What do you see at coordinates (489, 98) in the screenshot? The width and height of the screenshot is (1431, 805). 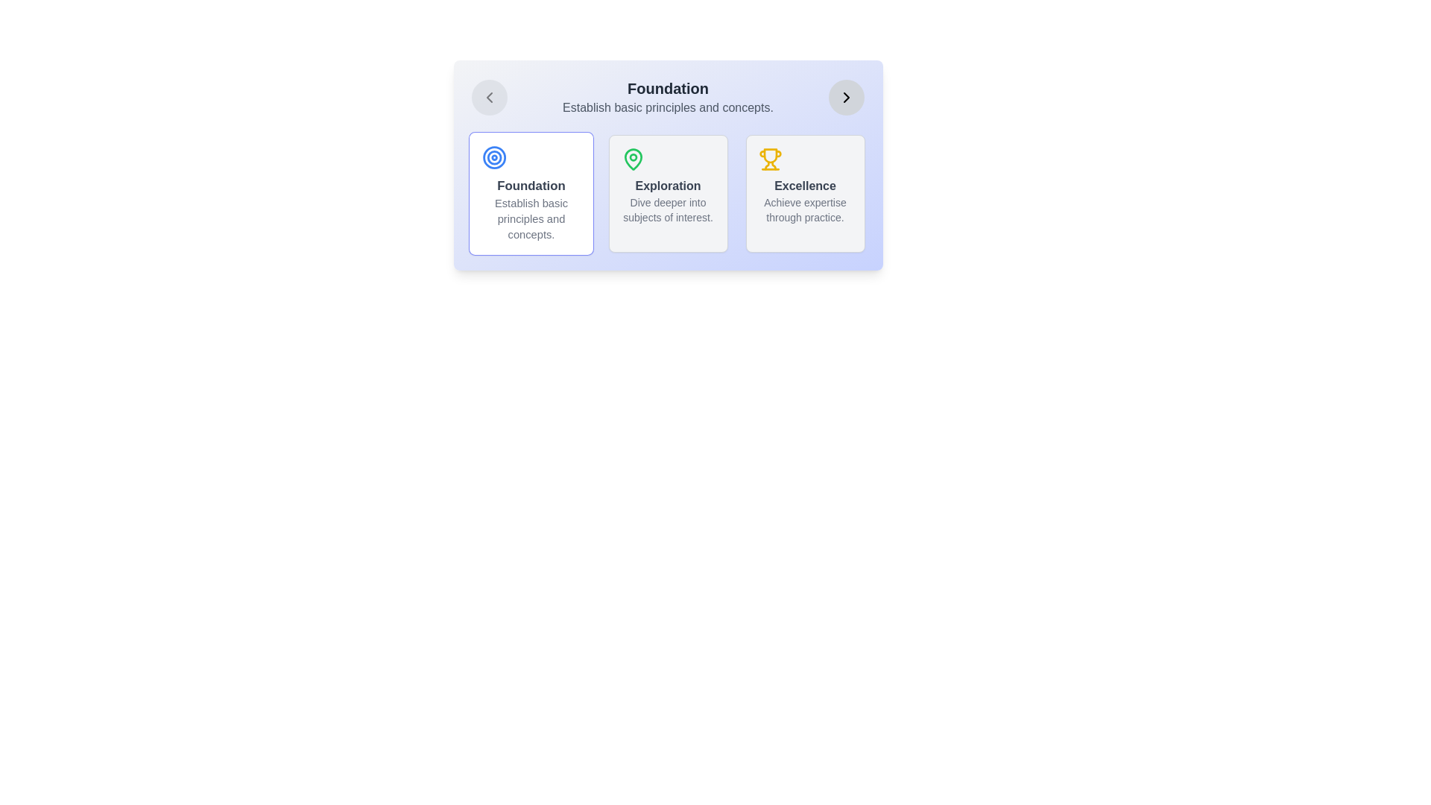 I see `the left-arrow icon, which is part of a circular button with a light gray background in the top-left corner of the card titled 'Foundation'` at bounding box center [489, 98].